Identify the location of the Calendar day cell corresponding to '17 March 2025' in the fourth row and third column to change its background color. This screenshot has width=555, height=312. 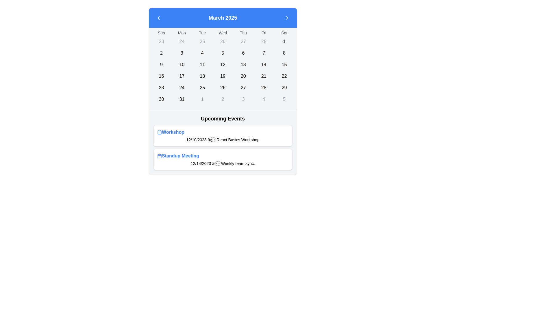
(182, 76).